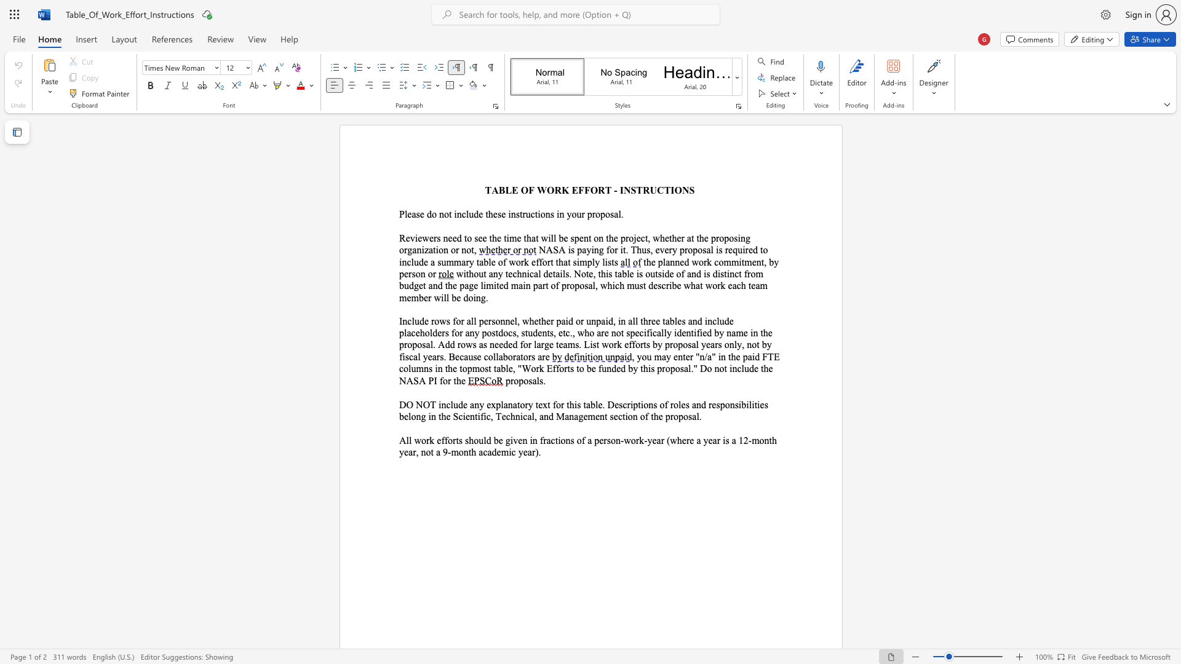  Describe the element at coordinates (605, 190) in the screenshot. I see `the space between the continuous character "R" and "T" in the text` at that location.